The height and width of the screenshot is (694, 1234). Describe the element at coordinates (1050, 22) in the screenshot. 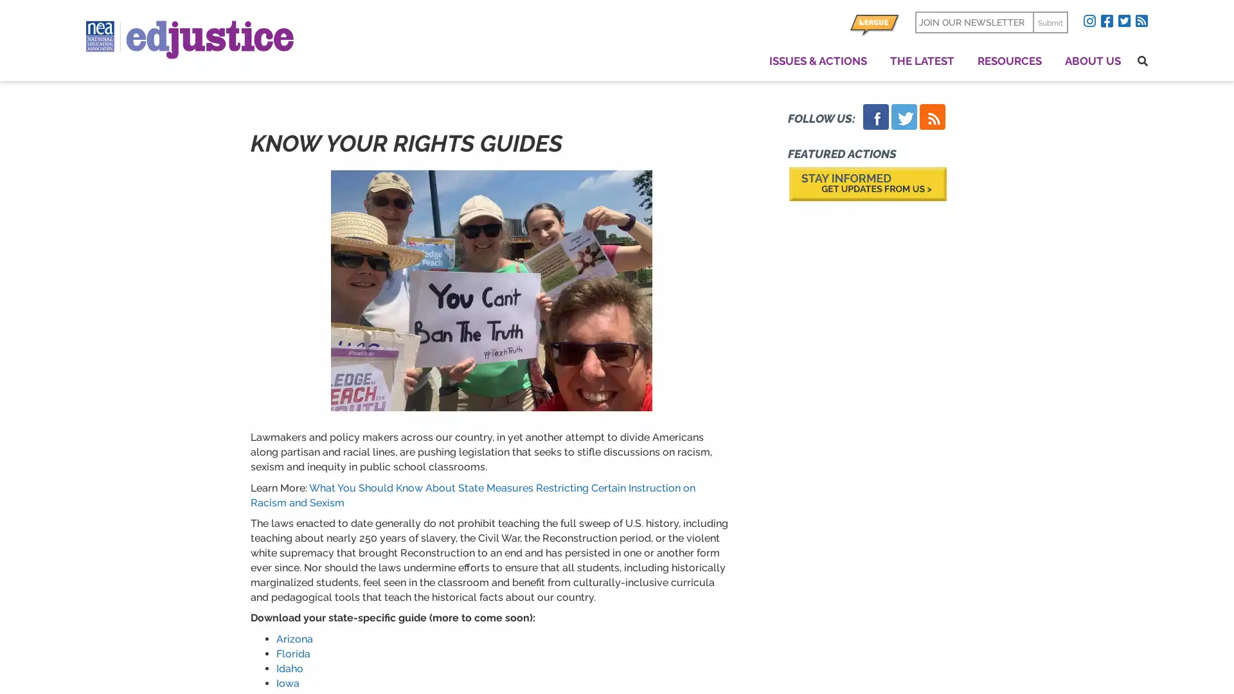

I see `Submit` at that location.